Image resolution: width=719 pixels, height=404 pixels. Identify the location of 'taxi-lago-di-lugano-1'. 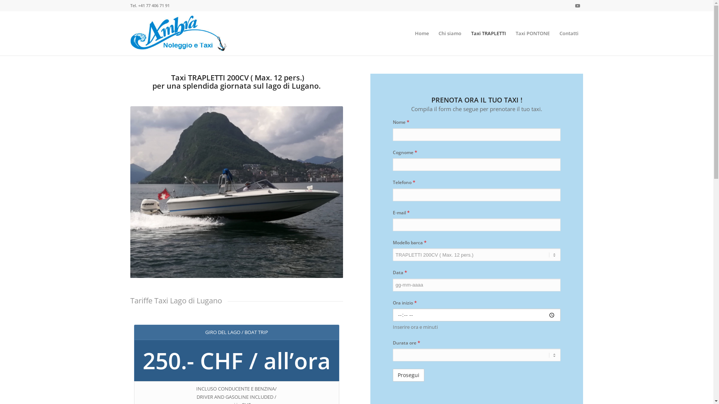
(236, 192).